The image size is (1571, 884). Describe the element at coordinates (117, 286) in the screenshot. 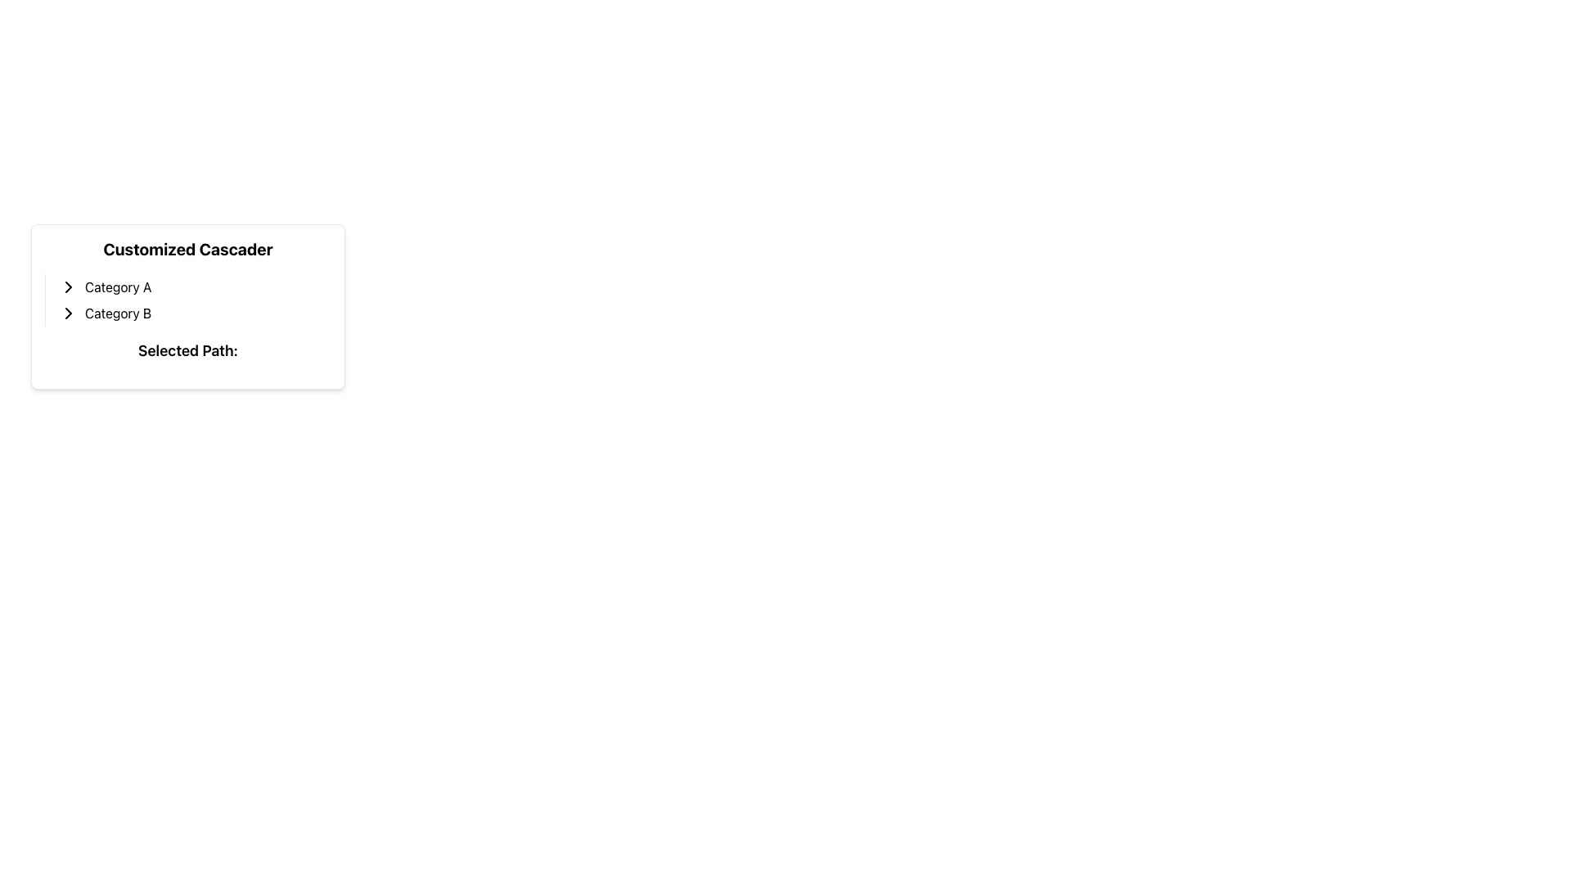

I see `the 'Category A' text label located to the right of the chevron icon in the vertical menu` at that location.